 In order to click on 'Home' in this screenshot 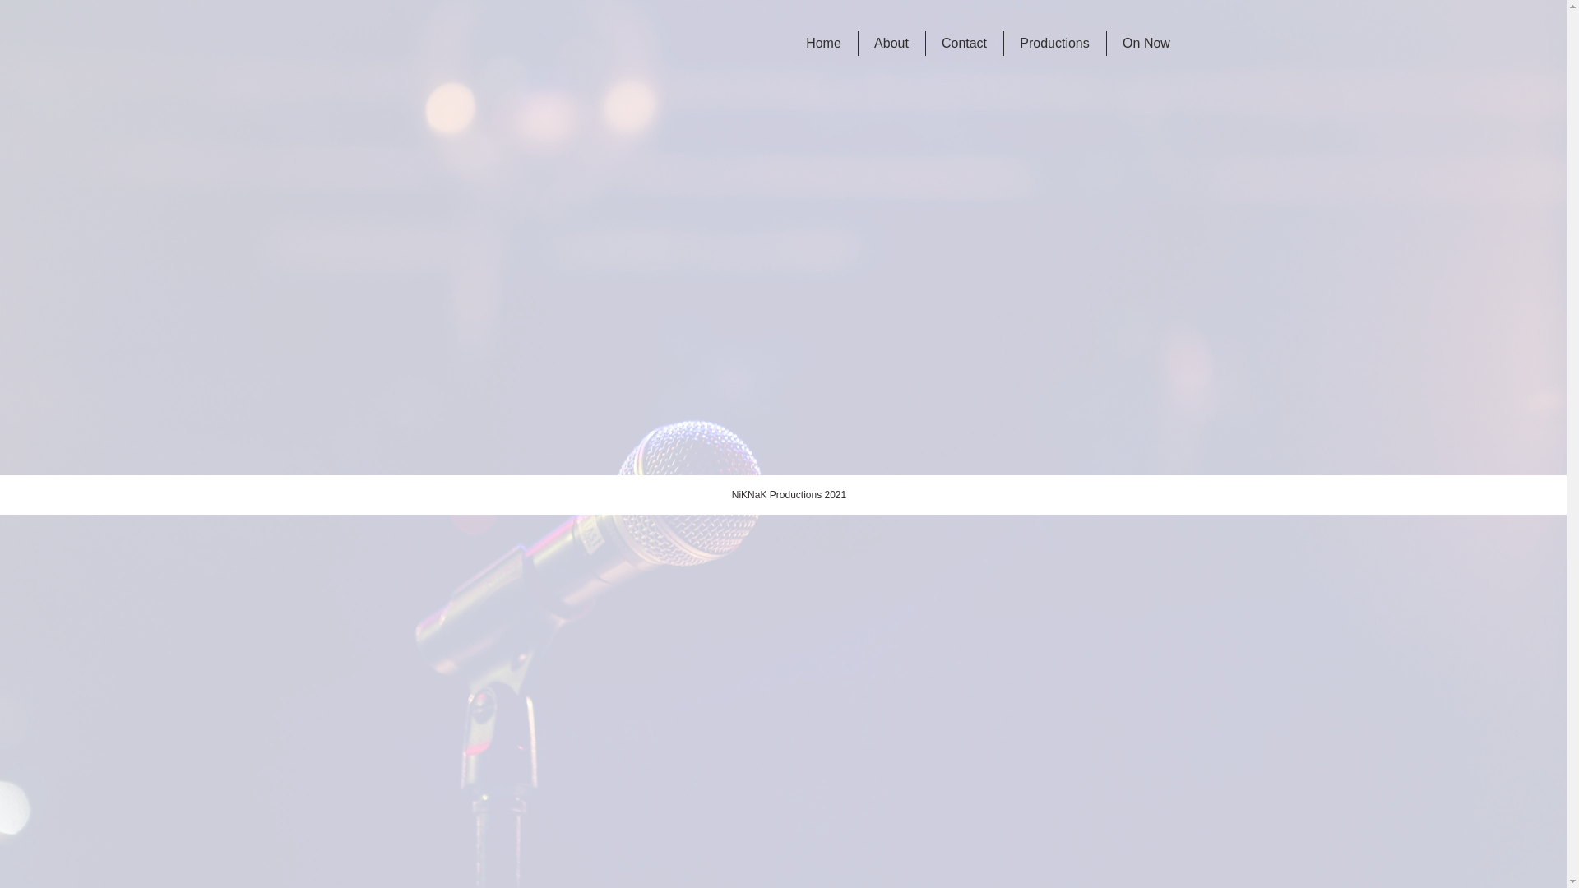, I will do `click(823, 43)`.